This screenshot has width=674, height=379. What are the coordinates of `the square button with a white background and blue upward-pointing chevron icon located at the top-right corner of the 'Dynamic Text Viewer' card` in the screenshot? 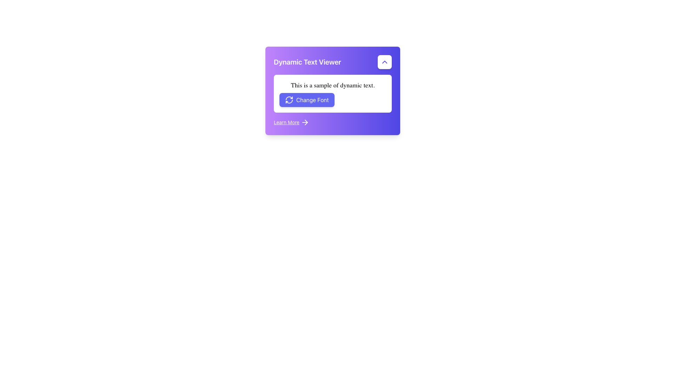 It's located at (384, 62).